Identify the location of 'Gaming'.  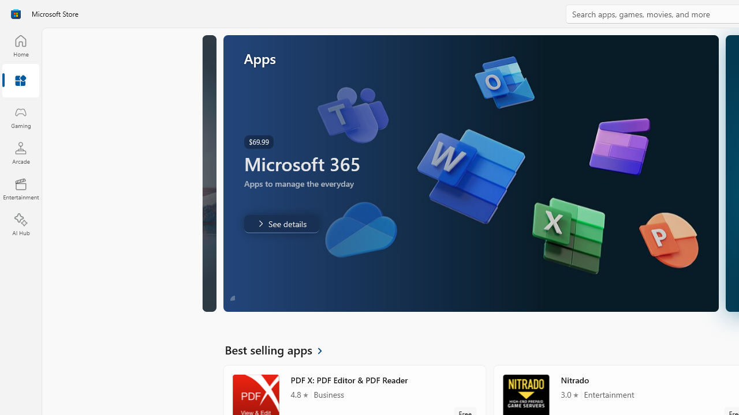
(20, 117).